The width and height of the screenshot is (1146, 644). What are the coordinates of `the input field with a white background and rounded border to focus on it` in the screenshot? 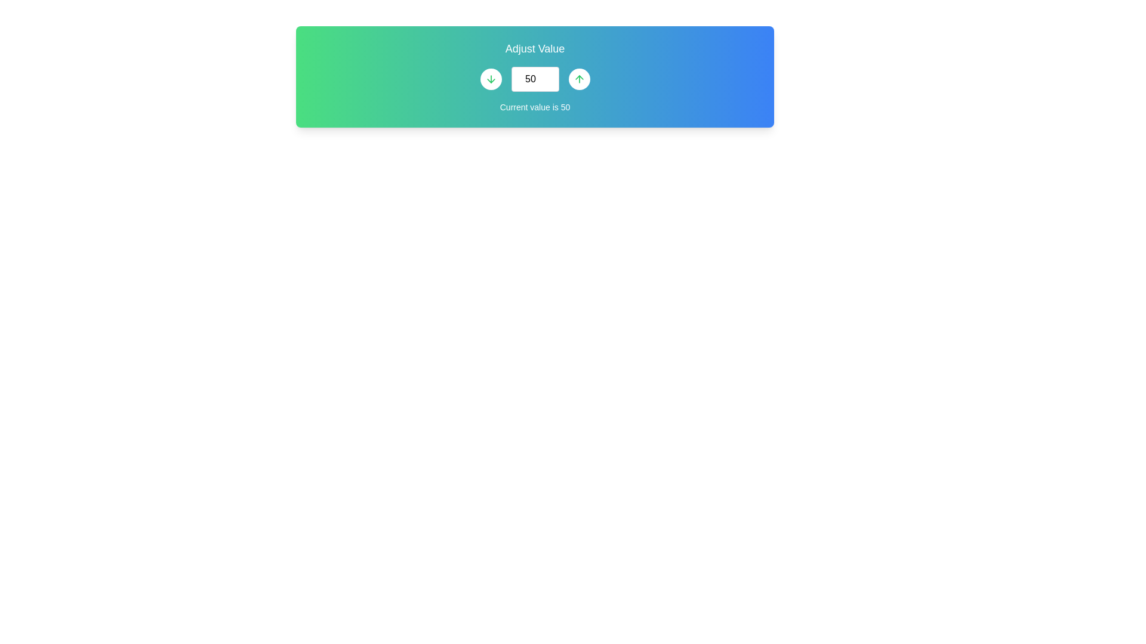 It's located at (534, 79).